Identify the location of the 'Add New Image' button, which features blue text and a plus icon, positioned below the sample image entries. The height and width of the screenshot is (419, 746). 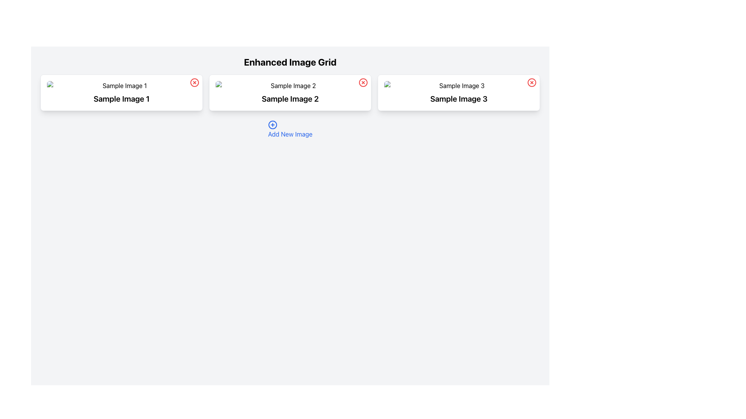
(290, 129).